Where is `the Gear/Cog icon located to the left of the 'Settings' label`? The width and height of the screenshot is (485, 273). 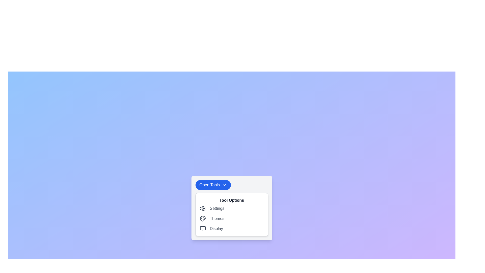 the Gear/Cog icon located to the left of the 'Settings' label is located at coordinates (203, 209).